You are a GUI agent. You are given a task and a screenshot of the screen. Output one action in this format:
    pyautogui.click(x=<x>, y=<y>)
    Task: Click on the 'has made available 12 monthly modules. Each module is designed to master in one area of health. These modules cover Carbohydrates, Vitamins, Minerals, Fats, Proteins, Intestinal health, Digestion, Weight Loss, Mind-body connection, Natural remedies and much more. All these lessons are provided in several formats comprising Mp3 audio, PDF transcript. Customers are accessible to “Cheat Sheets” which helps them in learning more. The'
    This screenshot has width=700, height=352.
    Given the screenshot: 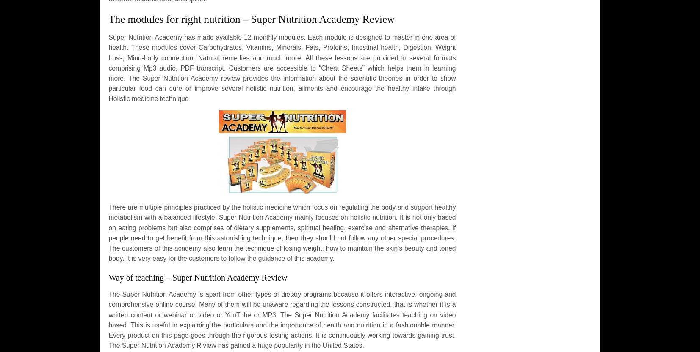 What is the action you would take?
    pyautogui.click(x=108, y=57)
    